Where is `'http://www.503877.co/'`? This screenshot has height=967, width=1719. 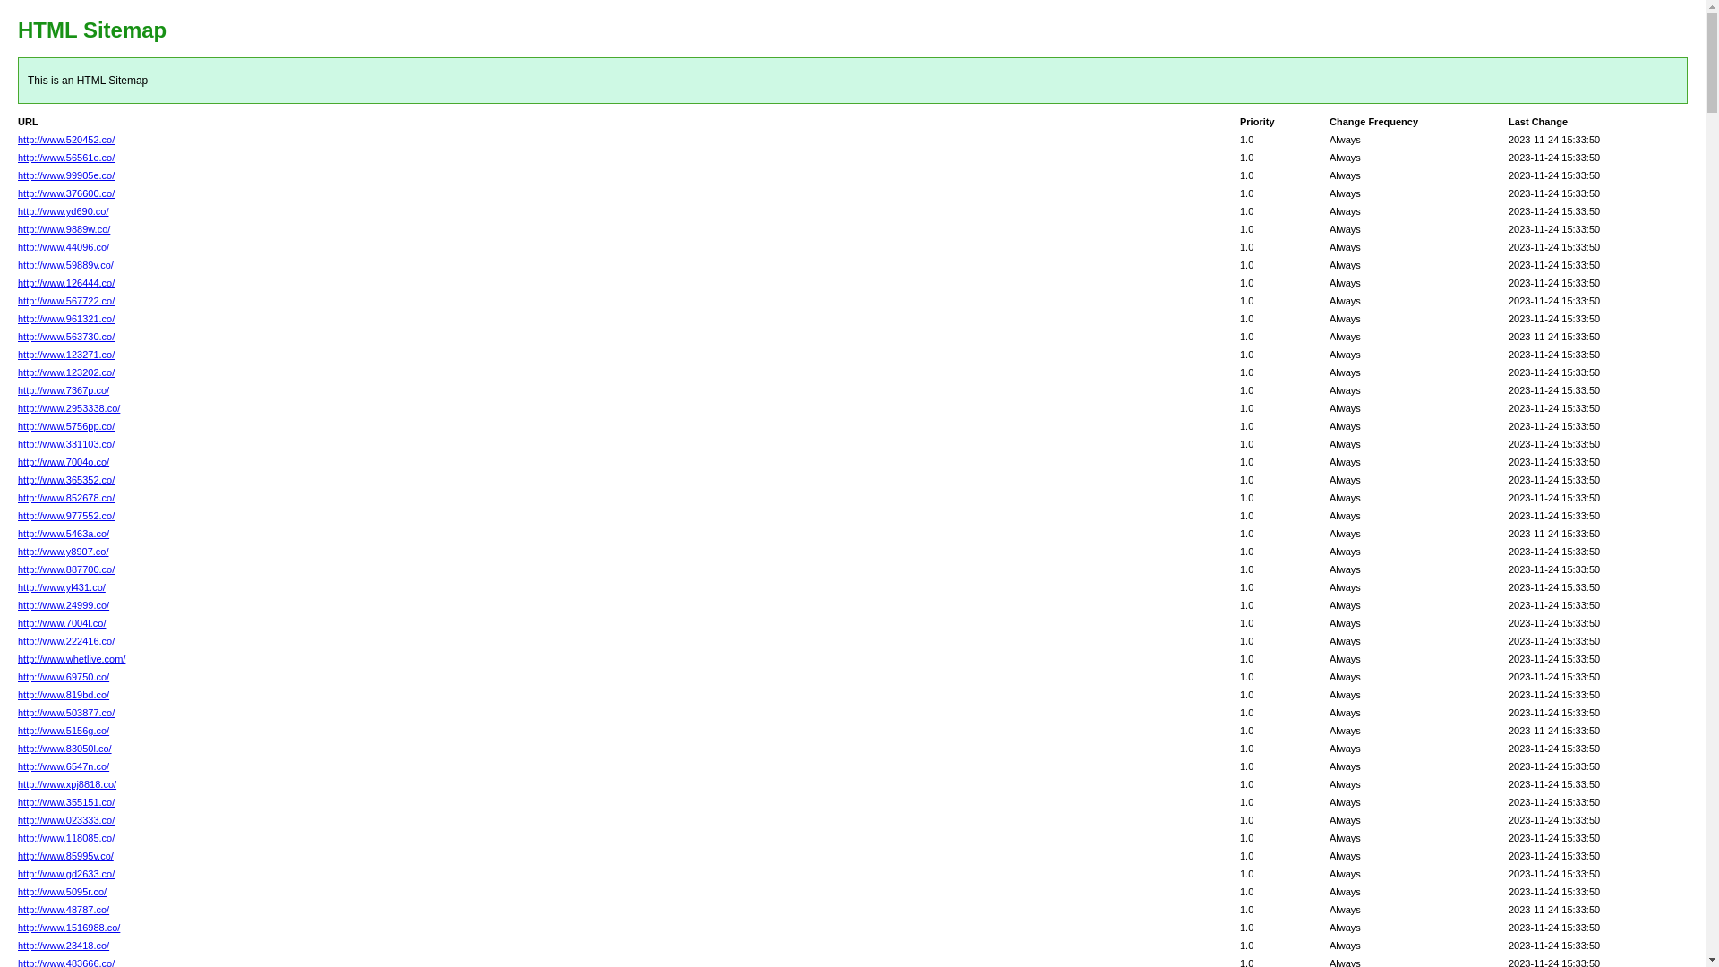
'http://www.503877.co/' is located at coordinates (65, 711).